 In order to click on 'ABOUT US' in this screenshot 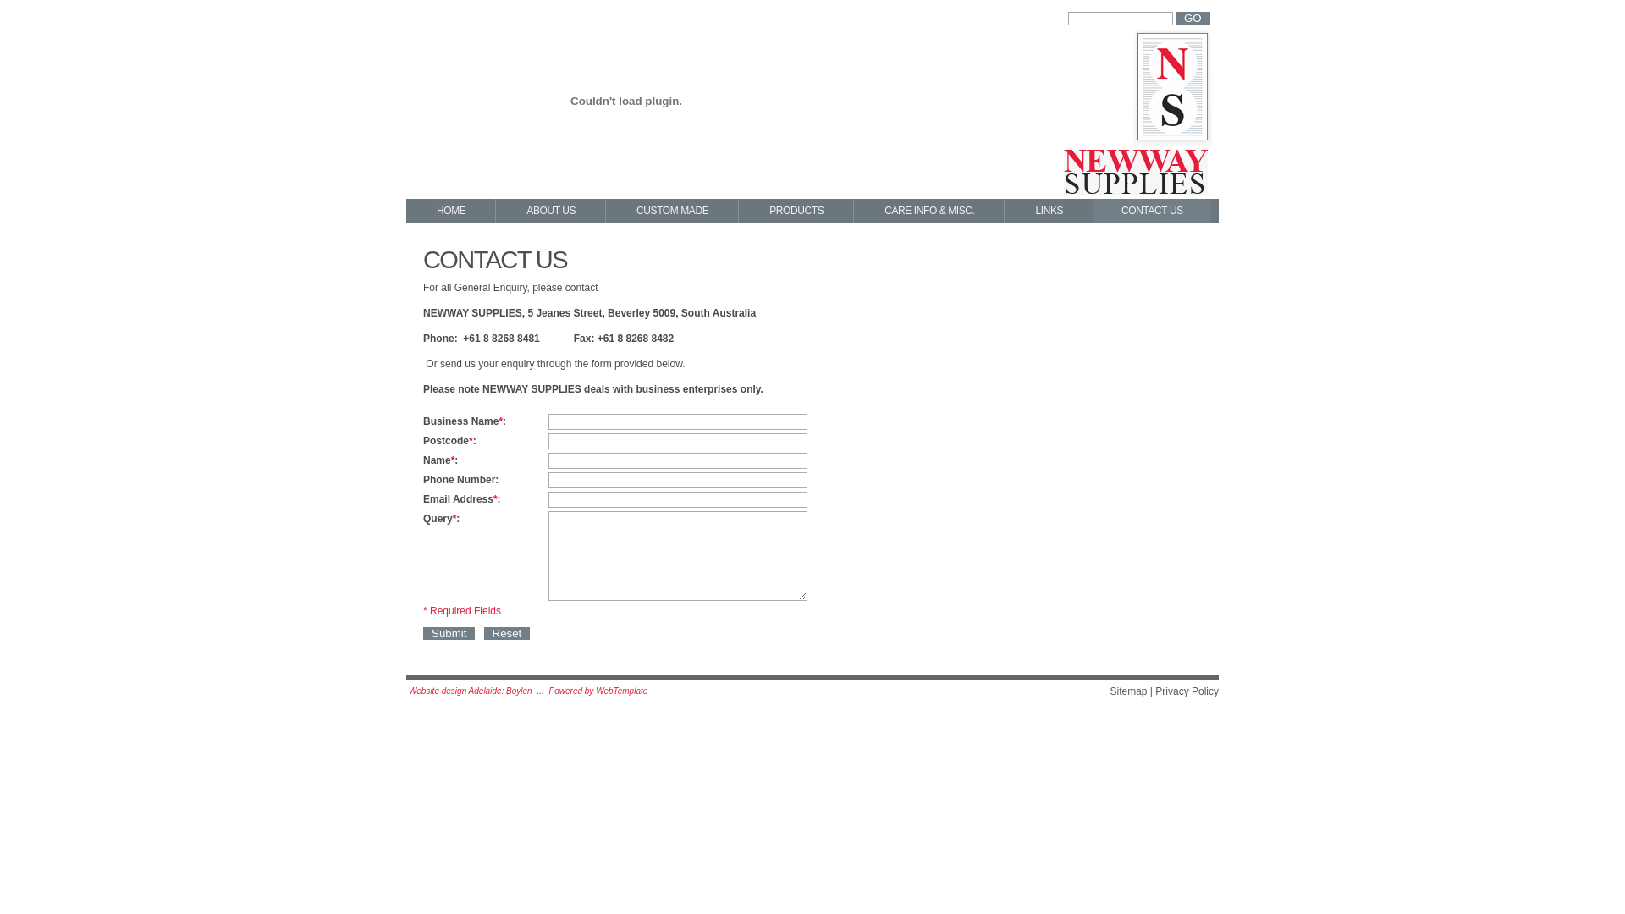, I will do `click(494, 210)`.